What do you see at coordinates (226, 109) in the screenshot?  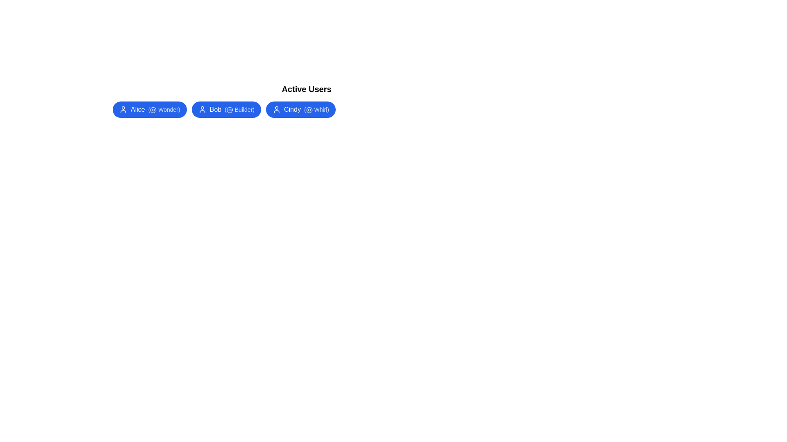 I see `the interactive chip representing Bob to open its context menu` at bounding box center [226, 109].